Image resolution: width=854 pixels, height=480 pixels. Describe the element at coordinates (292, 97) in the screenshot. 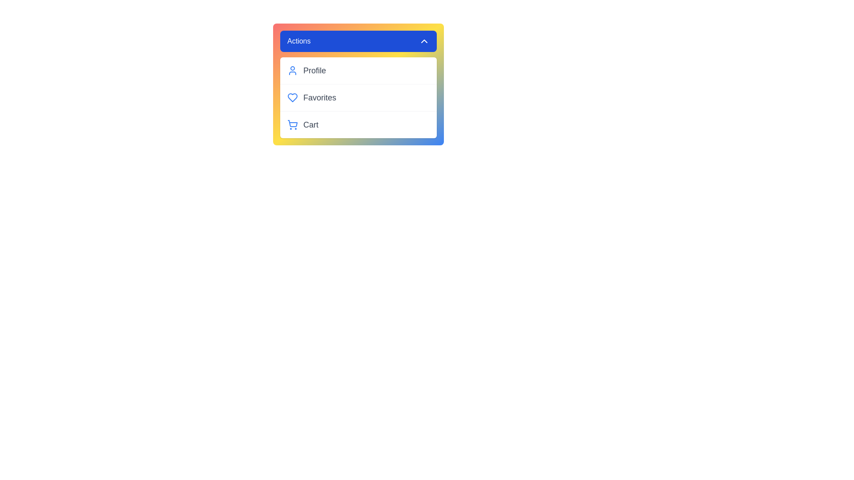

I see `the 'Favorites' icon located in the dropdown menu under 'Actions'` at that location.